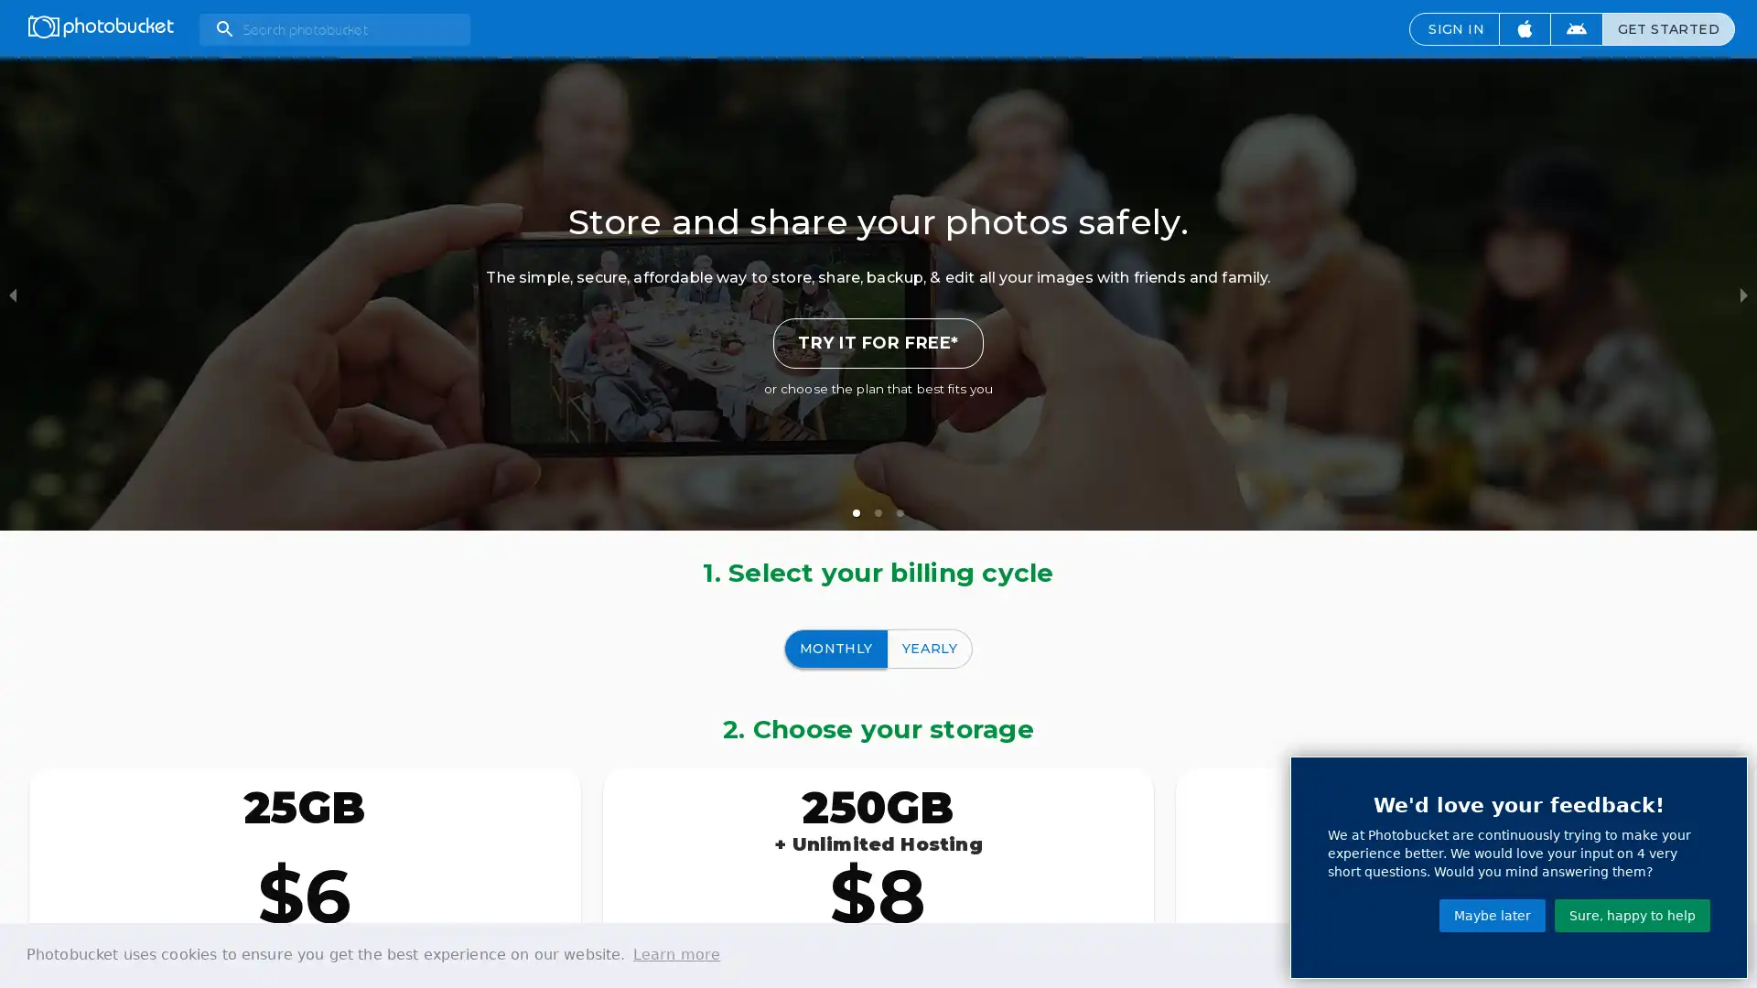 Image resolution: width=1757 pixels, height=988 pixels. What do you see at coordinates (1525, 28) in the screenshot?
I see `Download iOS` at bounding box center [1525, 28].